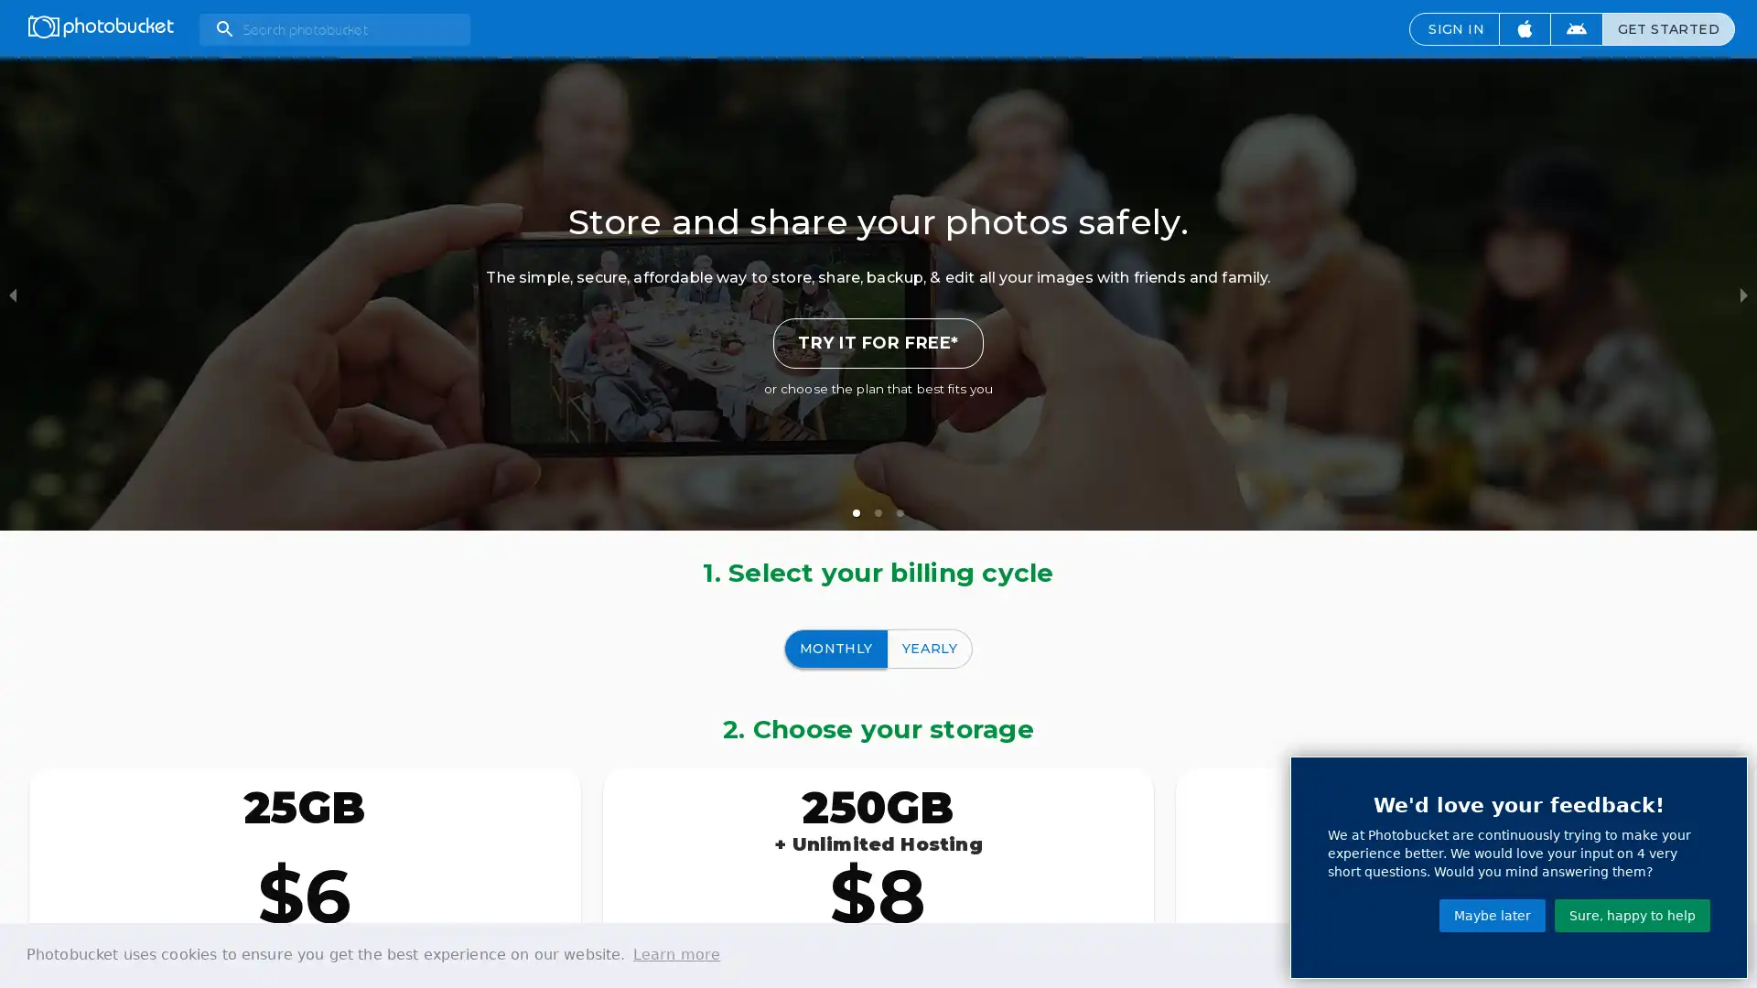 Image resolution: width=1757 pixels, height=988 pixels. What do you see at coordinates (1525, 28) in the screenshot?
I see `Download iOS` at bounding box center [1525, 28].